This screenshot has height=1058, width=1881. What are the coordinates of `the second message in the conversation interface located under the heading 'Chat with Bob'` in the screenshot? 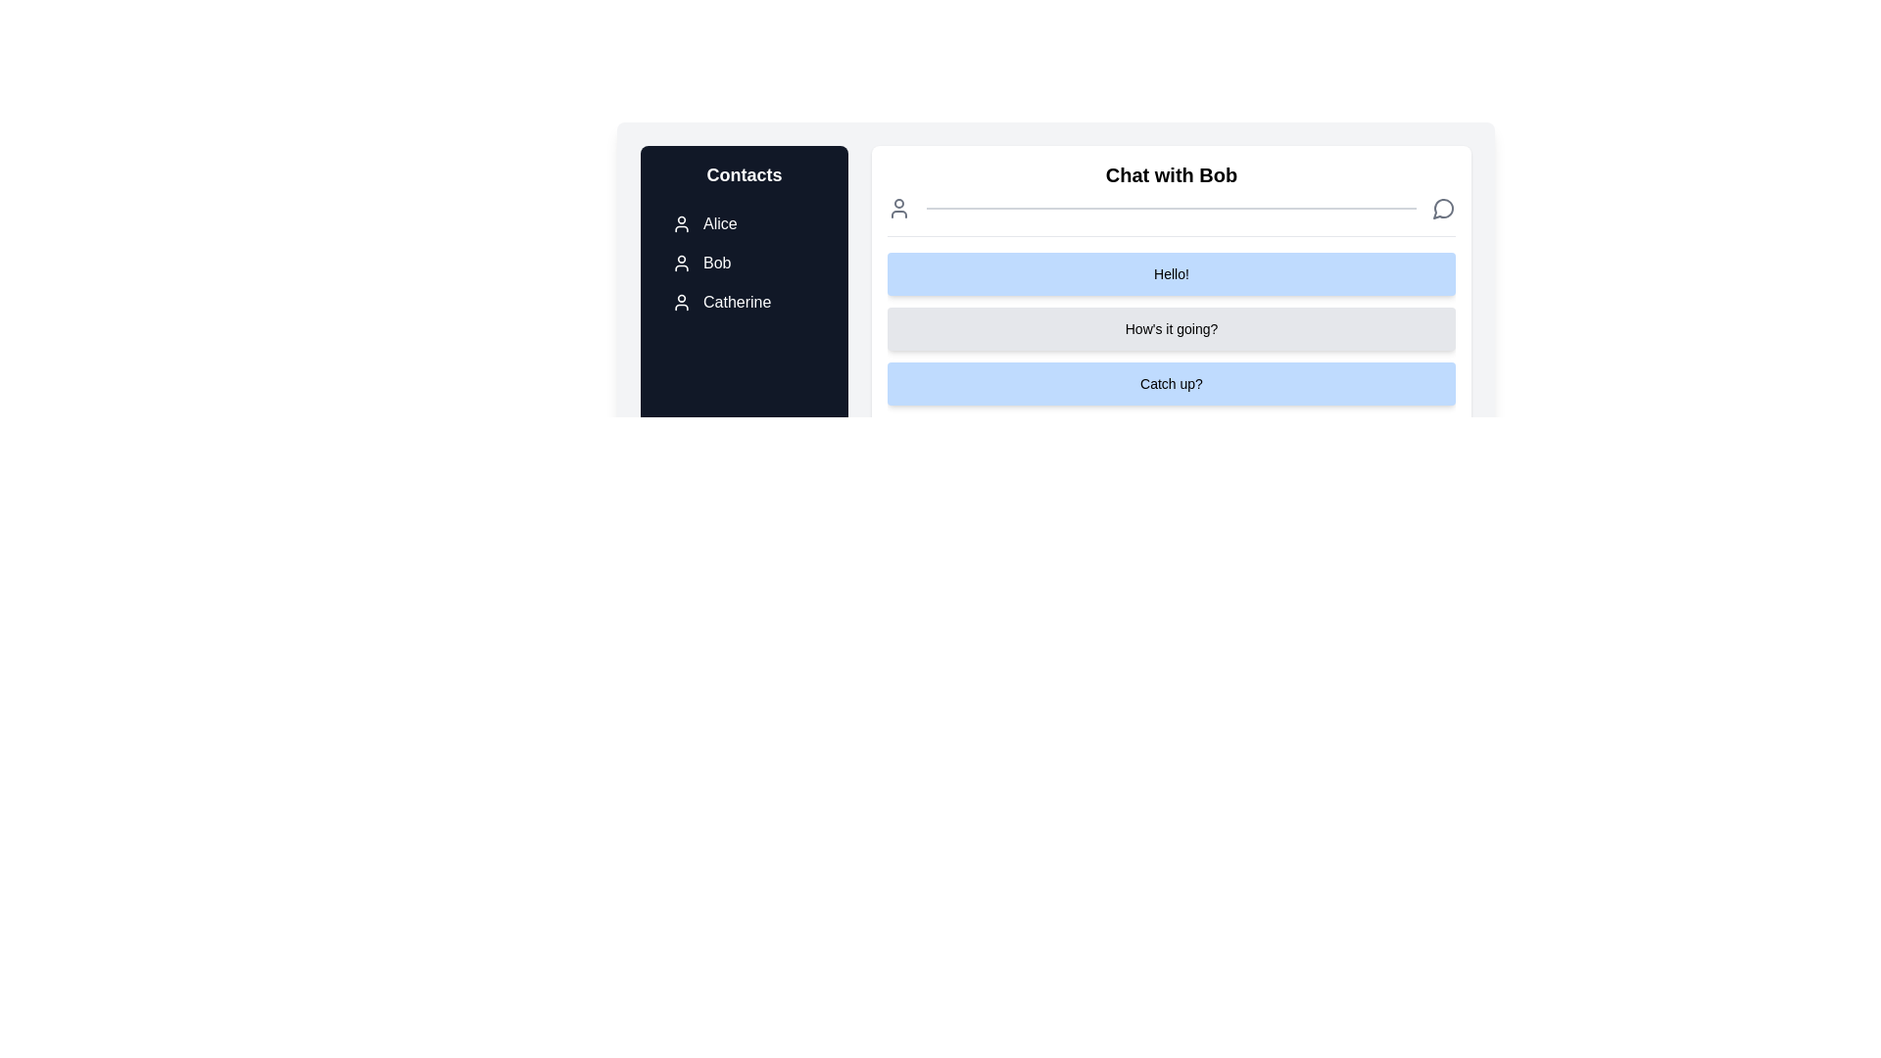 It's located at (1171, 346).